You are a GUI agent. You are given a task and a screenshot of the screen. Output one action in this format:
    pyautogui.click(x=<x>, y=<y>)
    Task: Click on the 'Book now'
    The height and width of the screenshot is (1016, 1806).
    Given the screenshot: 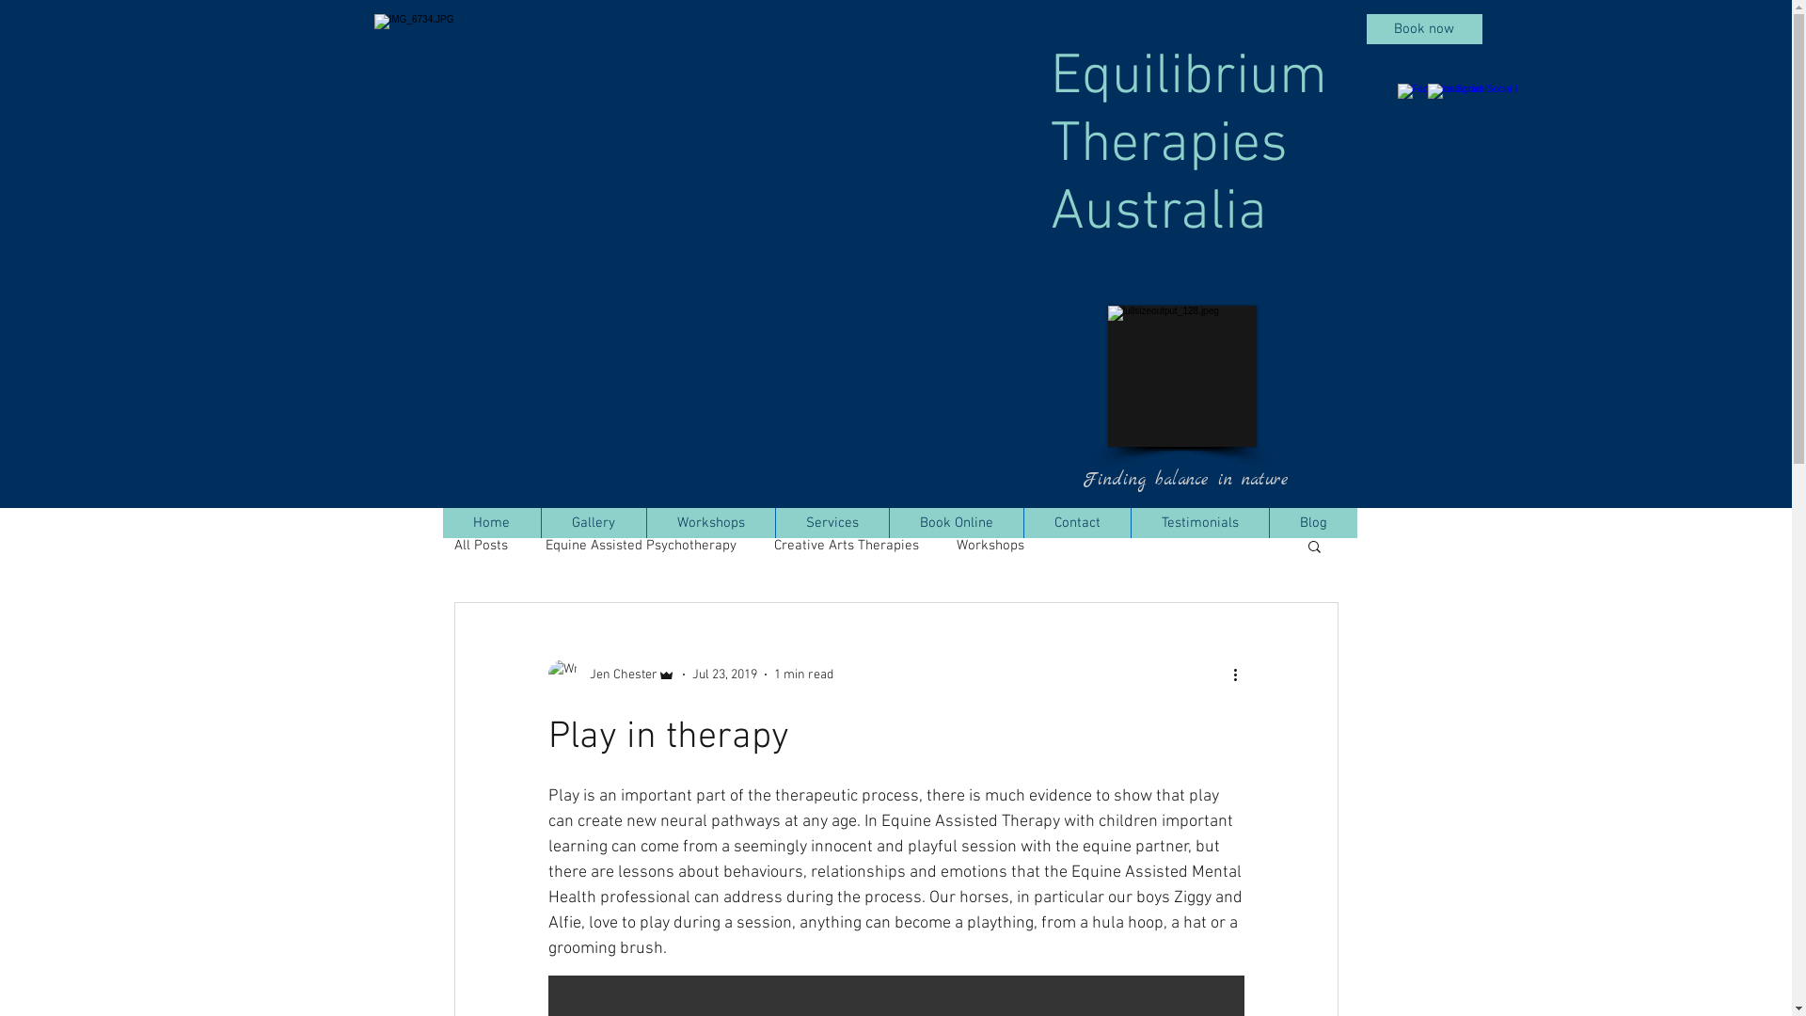 What is the action you would take?
    pyautogui.click(x=1423, y=28)
    